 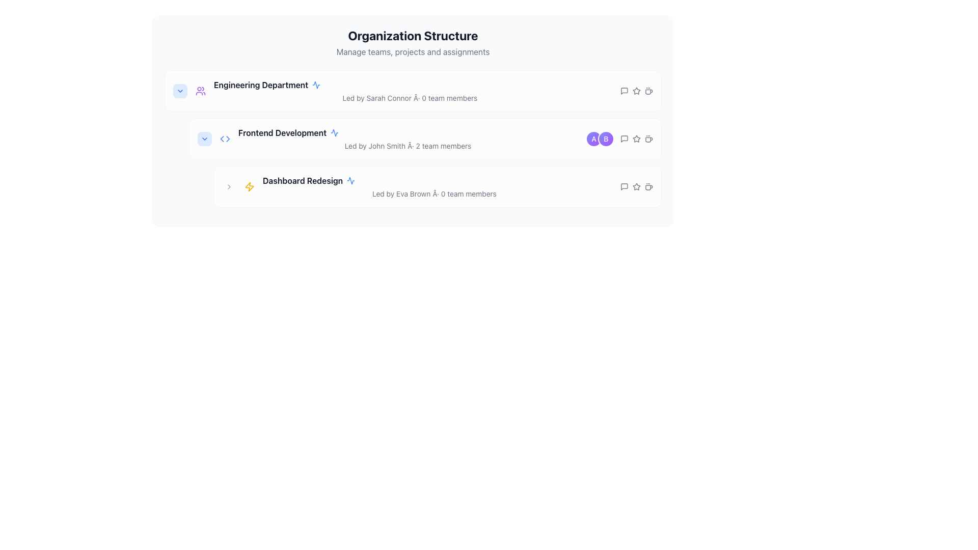 What do you see at coordinates (594, 139) in the screenshot?
I see `the avatar representing the entity associated with the 'Frontend Development' list item by moving the cursor to its center` at bounding box center [594, 139].